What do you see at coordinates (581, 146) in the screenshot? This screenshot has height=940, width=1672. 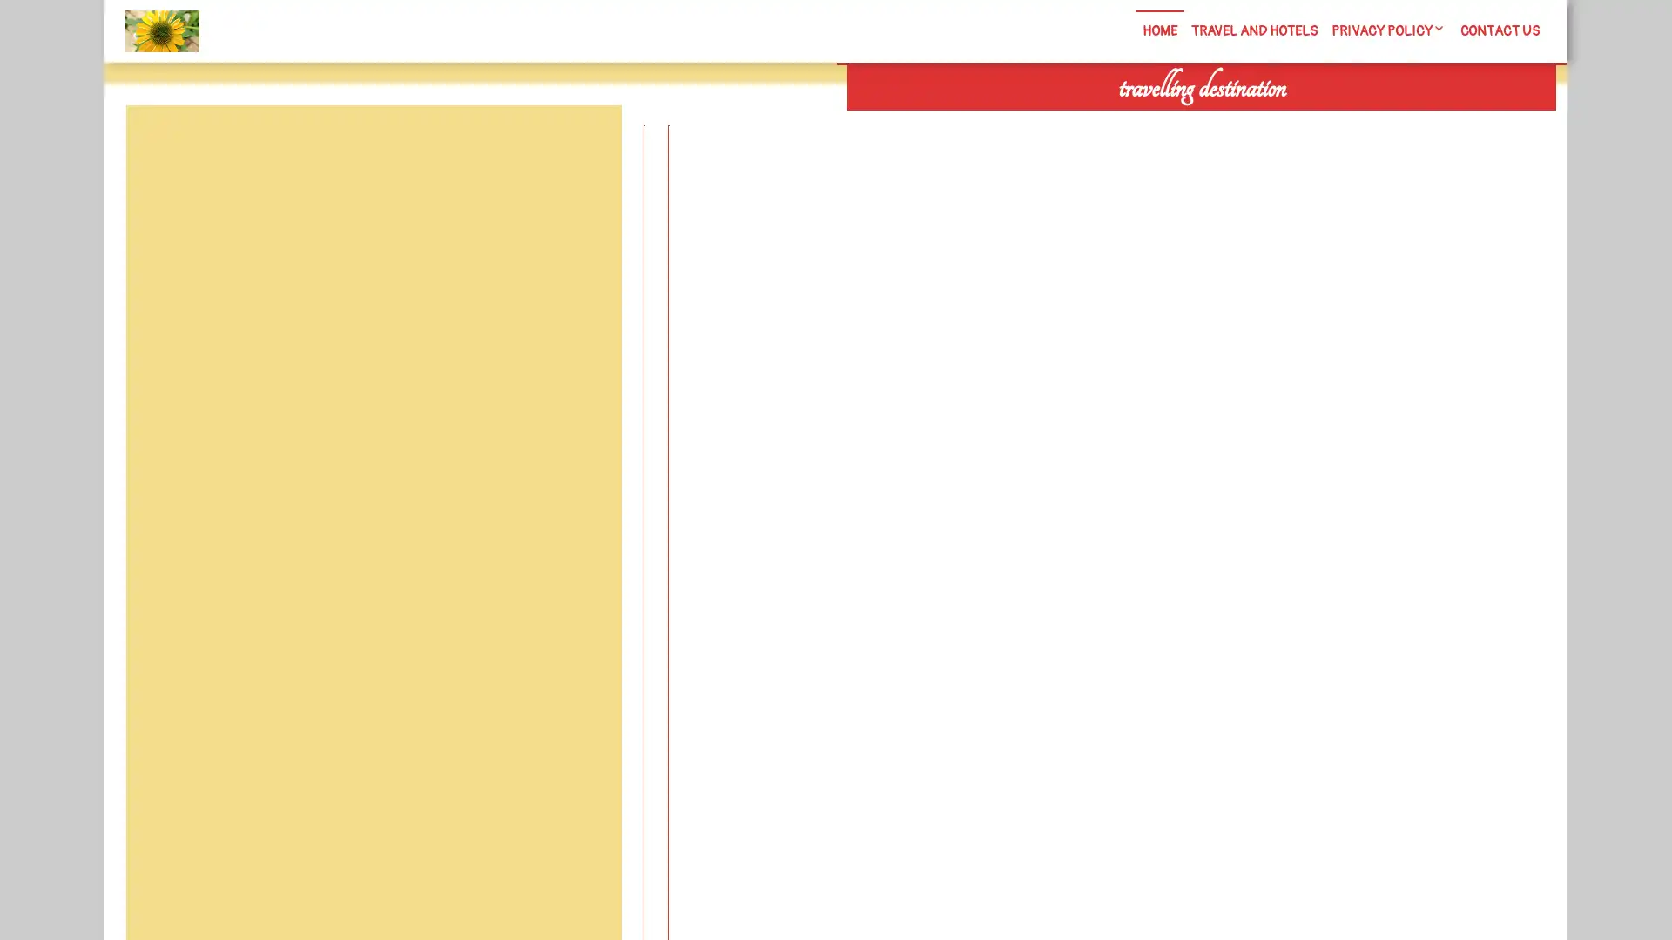 I see `Search` at bounding box center [581, 146].